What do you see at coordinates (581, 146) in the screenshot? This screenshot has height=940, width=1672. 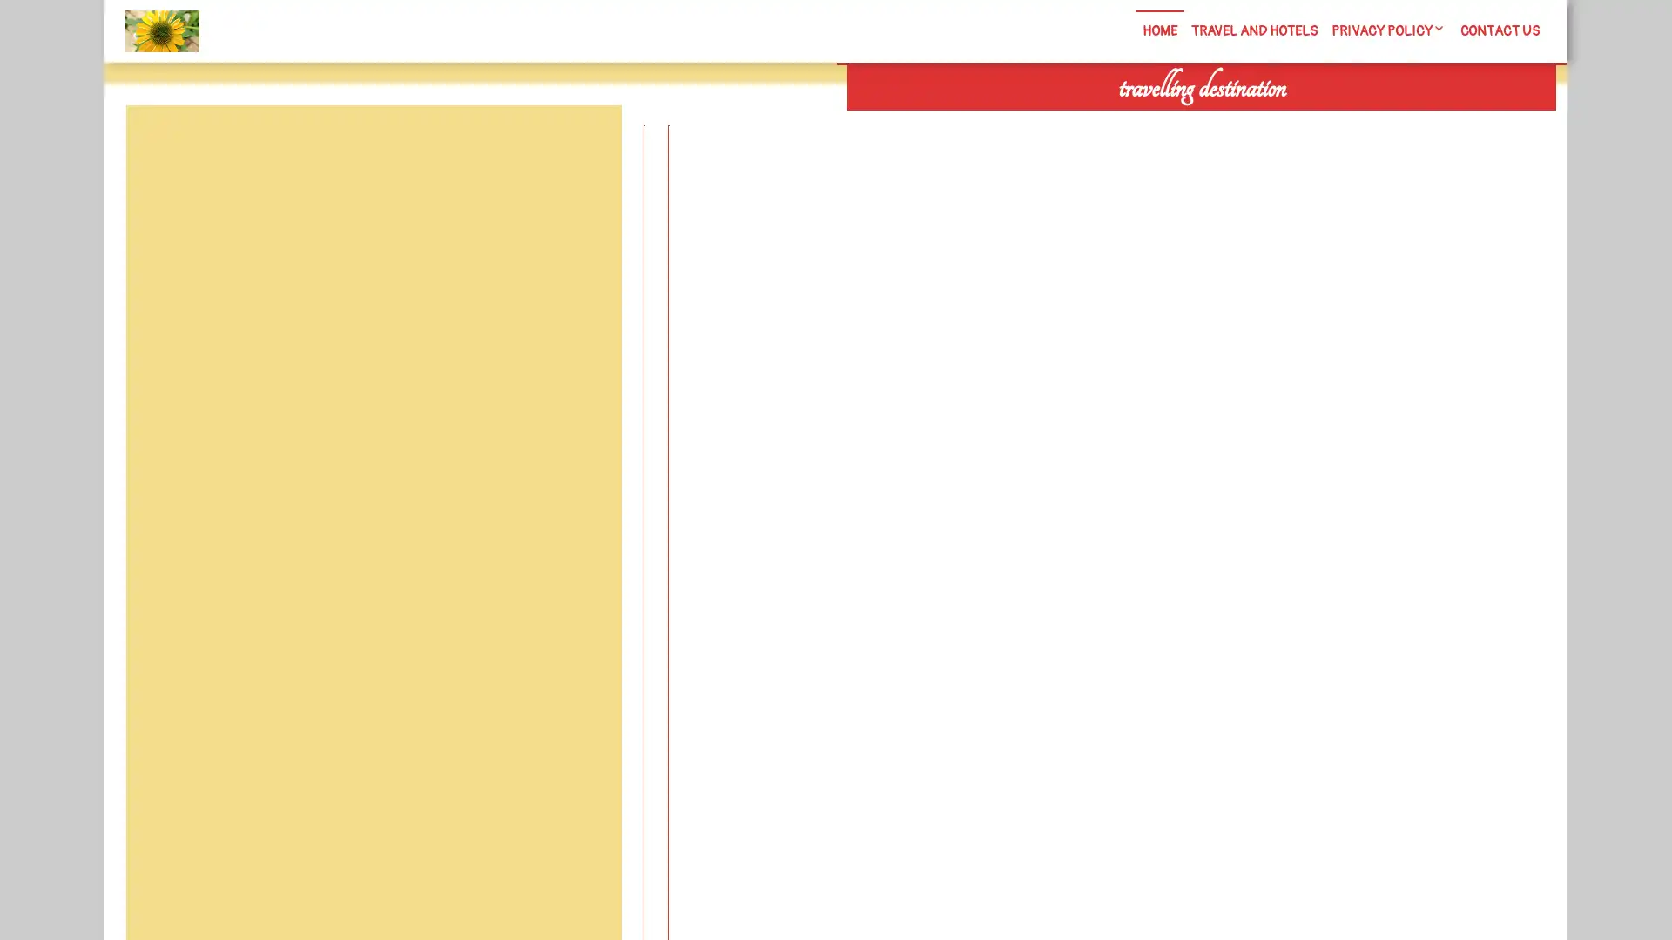 I see `Search` at bounding box center [581, 146].